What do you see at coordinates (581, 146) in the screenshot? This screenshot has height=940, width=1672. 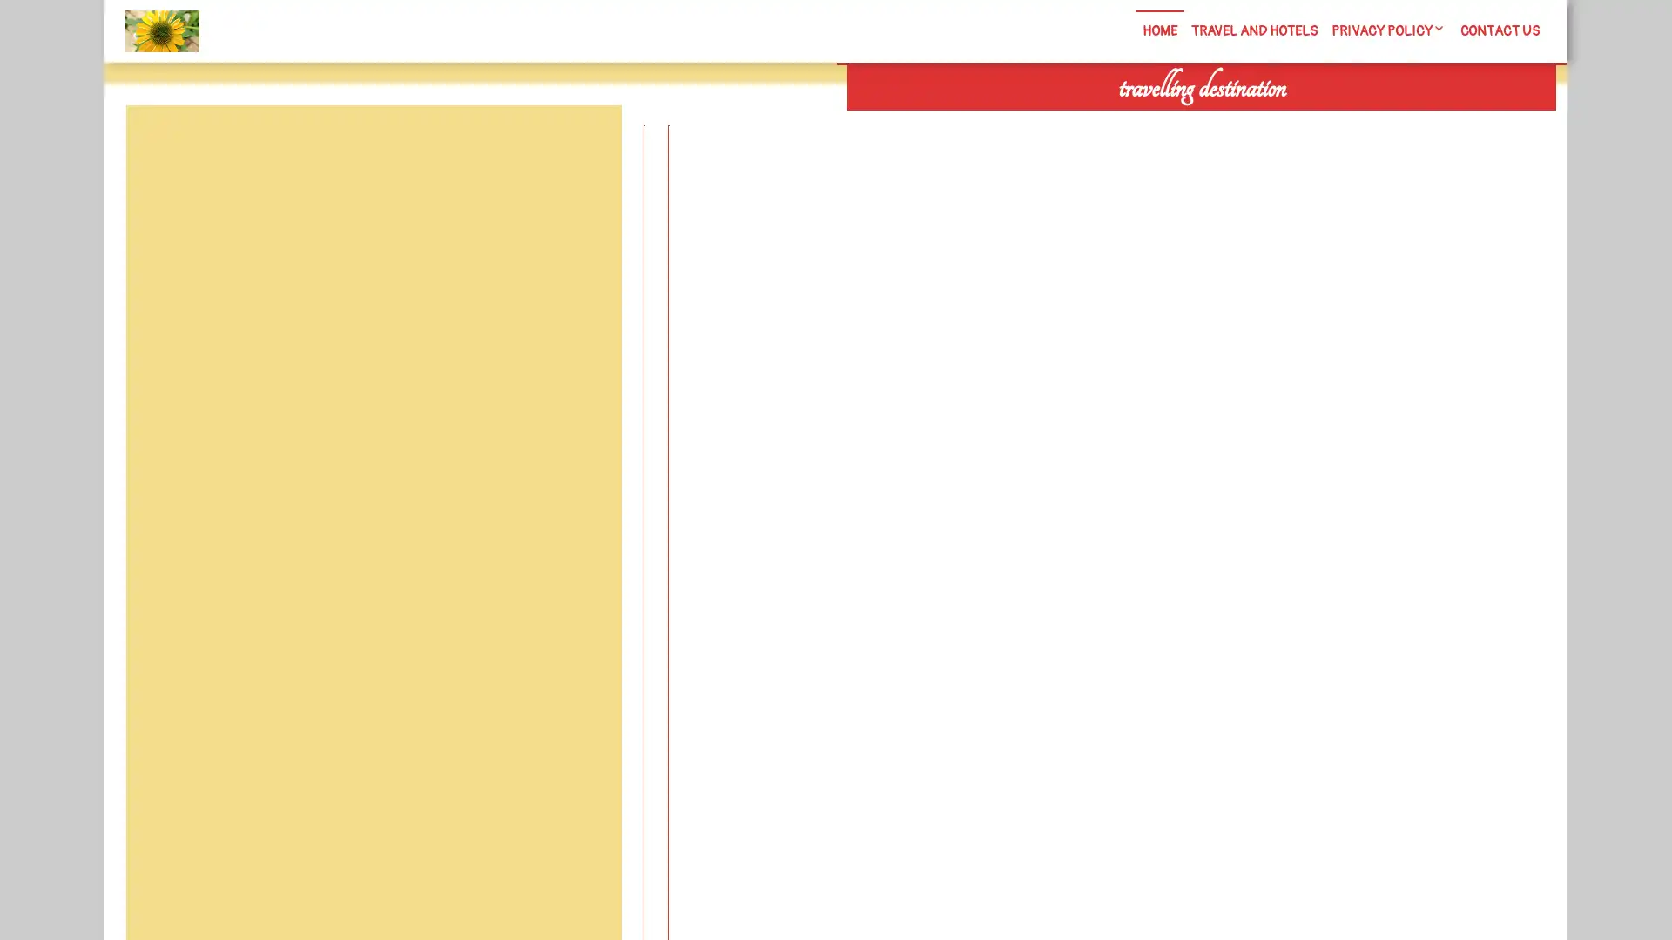 I see `Search` at bounding box center [581, 146].